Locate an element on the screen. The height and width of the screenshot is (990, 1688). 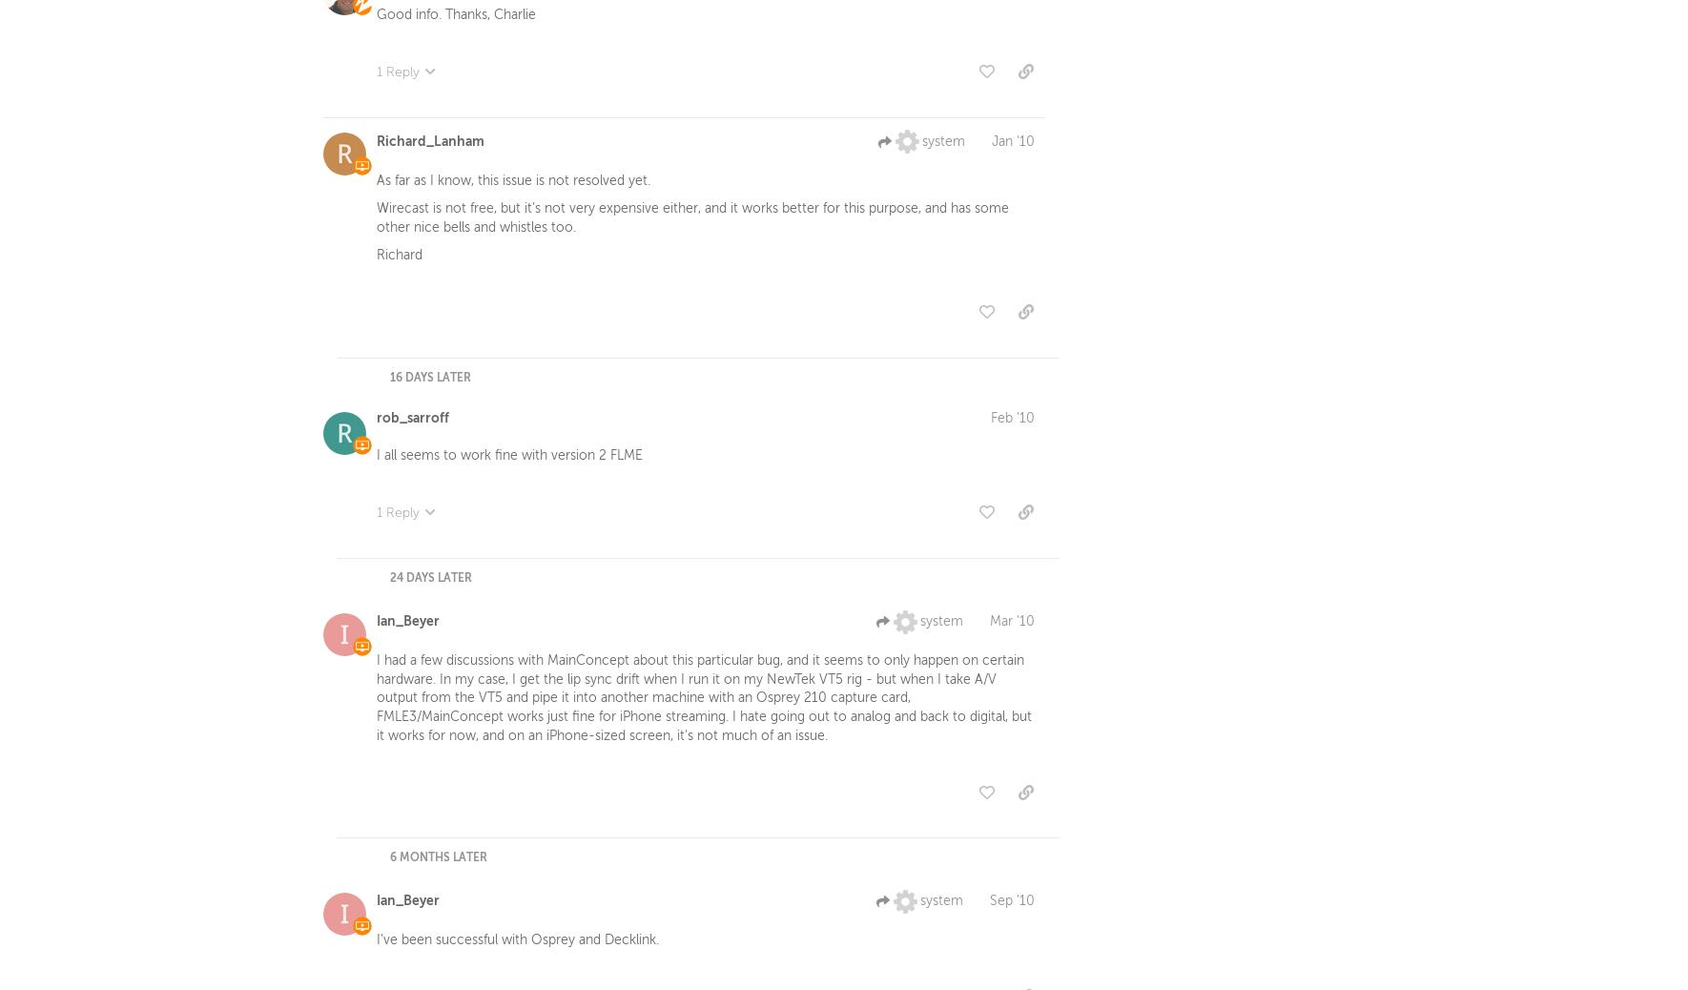
'24 days later' is located at coordinates (389, 581).